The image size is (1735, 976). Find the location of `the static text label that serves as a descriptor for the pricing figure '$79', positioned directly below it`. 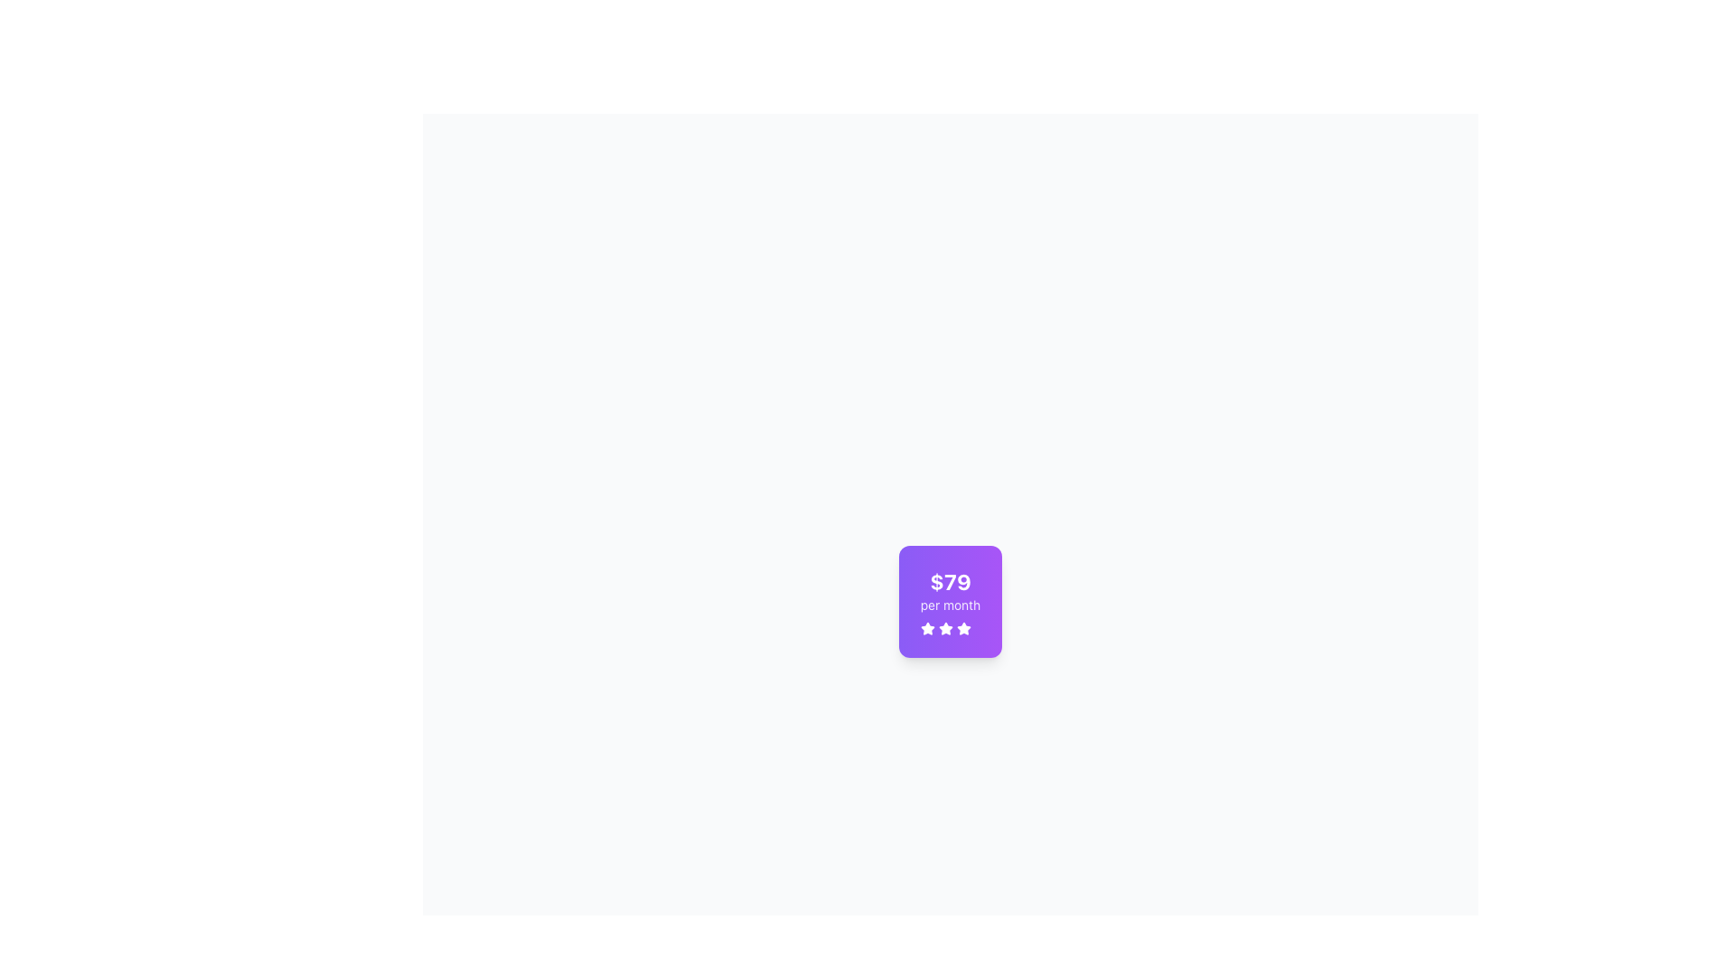

the static text label that serves as a descriptor for the pricing figure '$79', positioned directly below it is located at coordinates (949, 605).